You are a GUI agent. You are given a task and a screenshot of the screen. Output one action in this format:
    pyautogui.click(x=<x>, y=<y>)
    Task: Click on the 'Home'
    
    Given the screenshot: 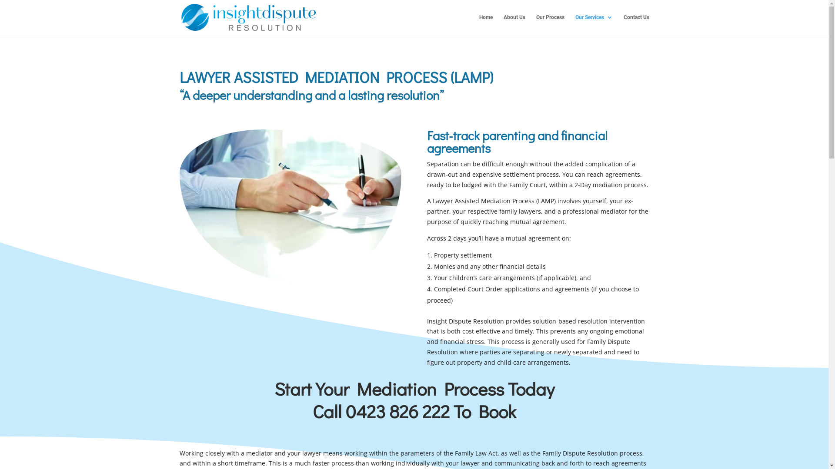 What is the action you would take?
    pyautogui.click(x=479, y=24)
    